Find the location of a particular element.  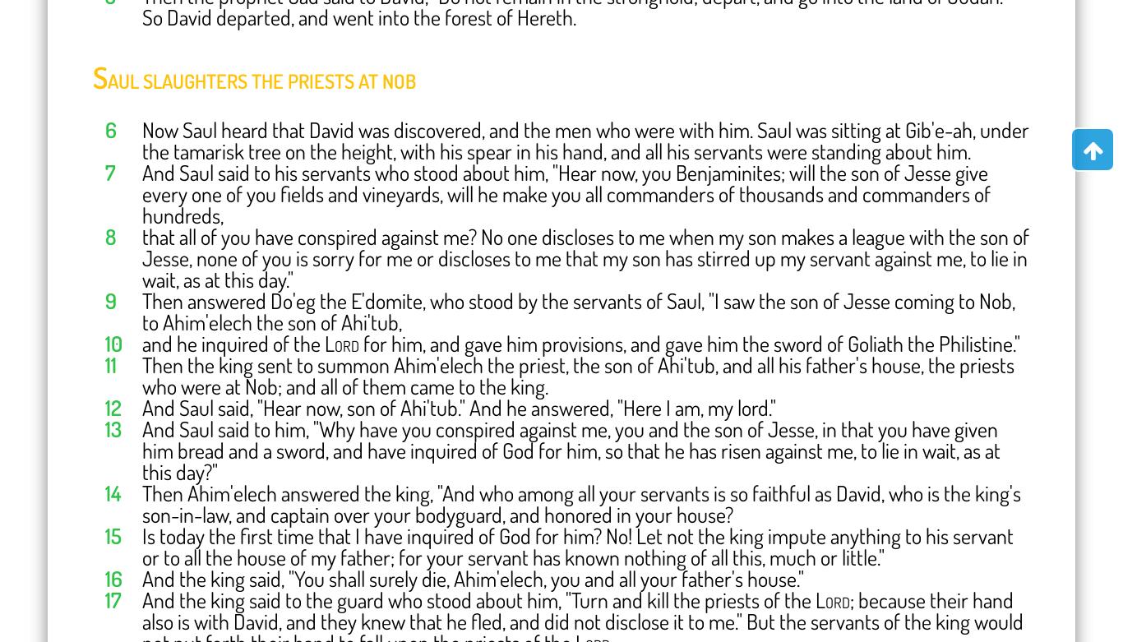

'Then answered Do'eg the E'domite, who stood by the servants of Saul, "I saw the son of Jesse coming to Nob, to Ahim'elech the son of Ahi'tub,' is located at coordinates (579, 310).